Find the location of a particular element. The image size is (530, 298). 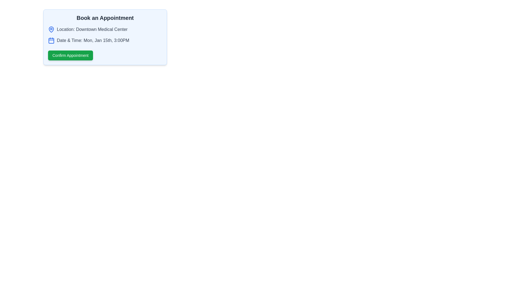

the 'Confirm Appointment' button, which is a green rectangular button with white text and a rounded border located at the bottom left of the booking card interface is located at coordinates (70, 55).